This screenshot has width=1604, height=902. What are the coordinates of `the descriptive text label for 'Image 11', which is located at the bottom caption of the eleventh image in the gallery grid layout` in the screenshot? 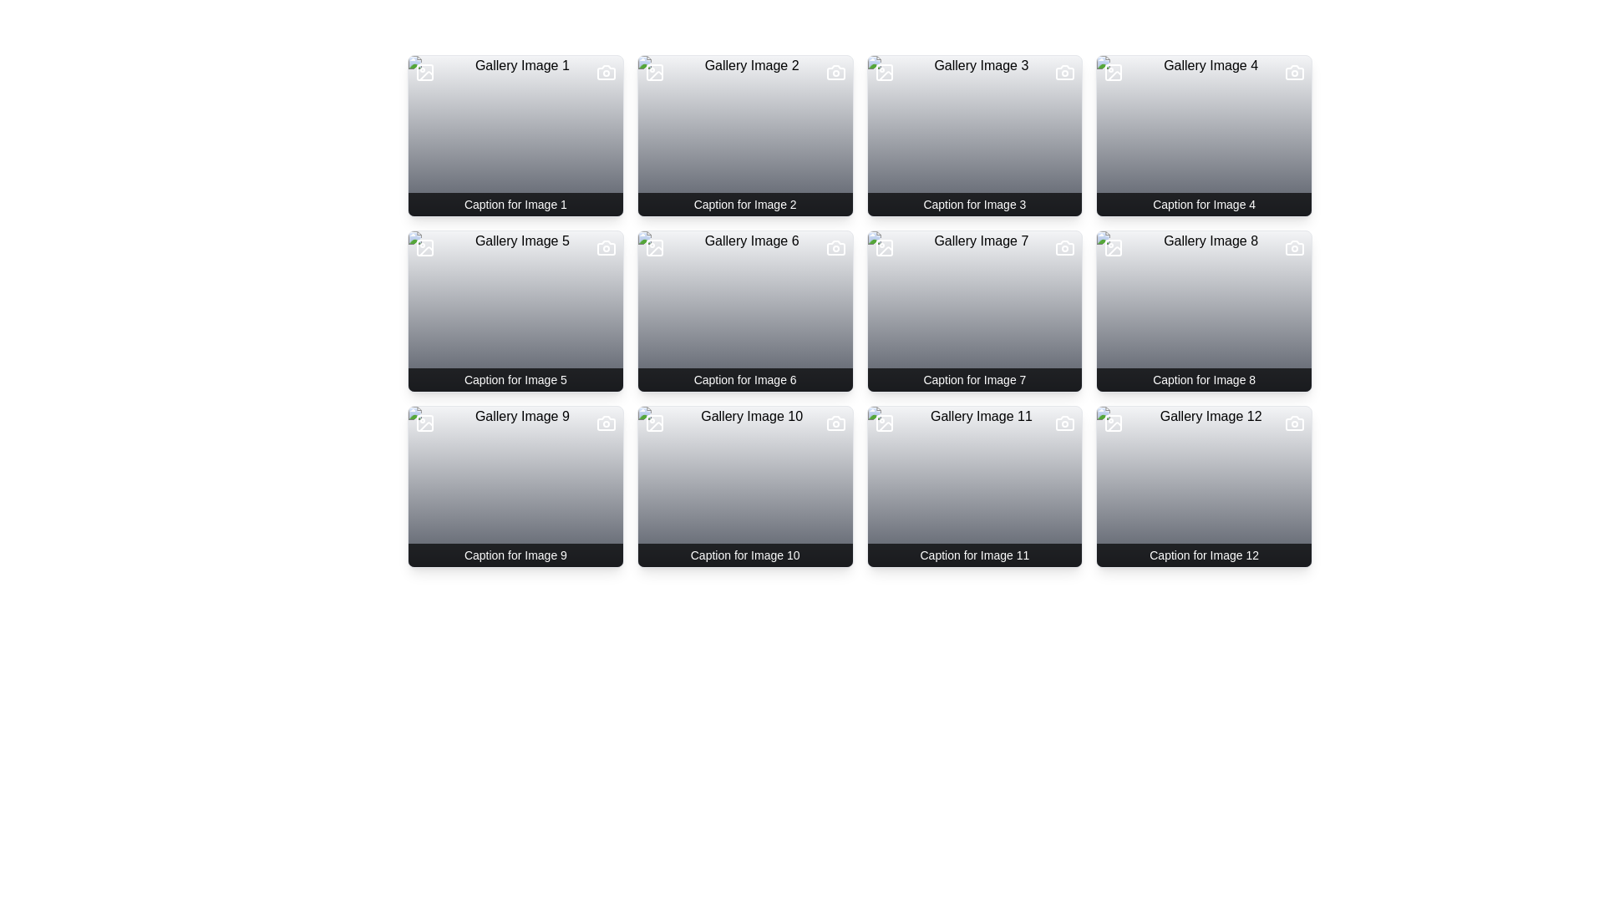 It's located at (974, 555).